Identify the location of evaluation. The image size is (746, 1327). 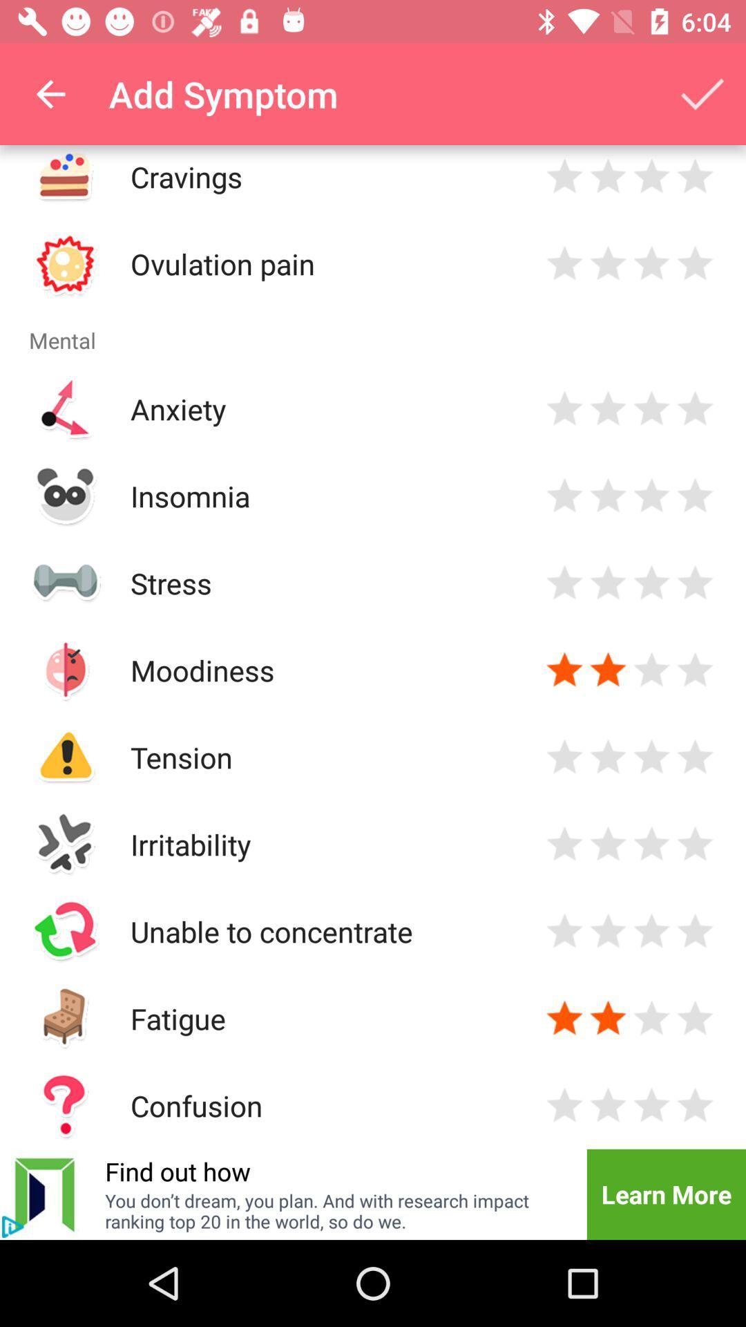
(651, 843).